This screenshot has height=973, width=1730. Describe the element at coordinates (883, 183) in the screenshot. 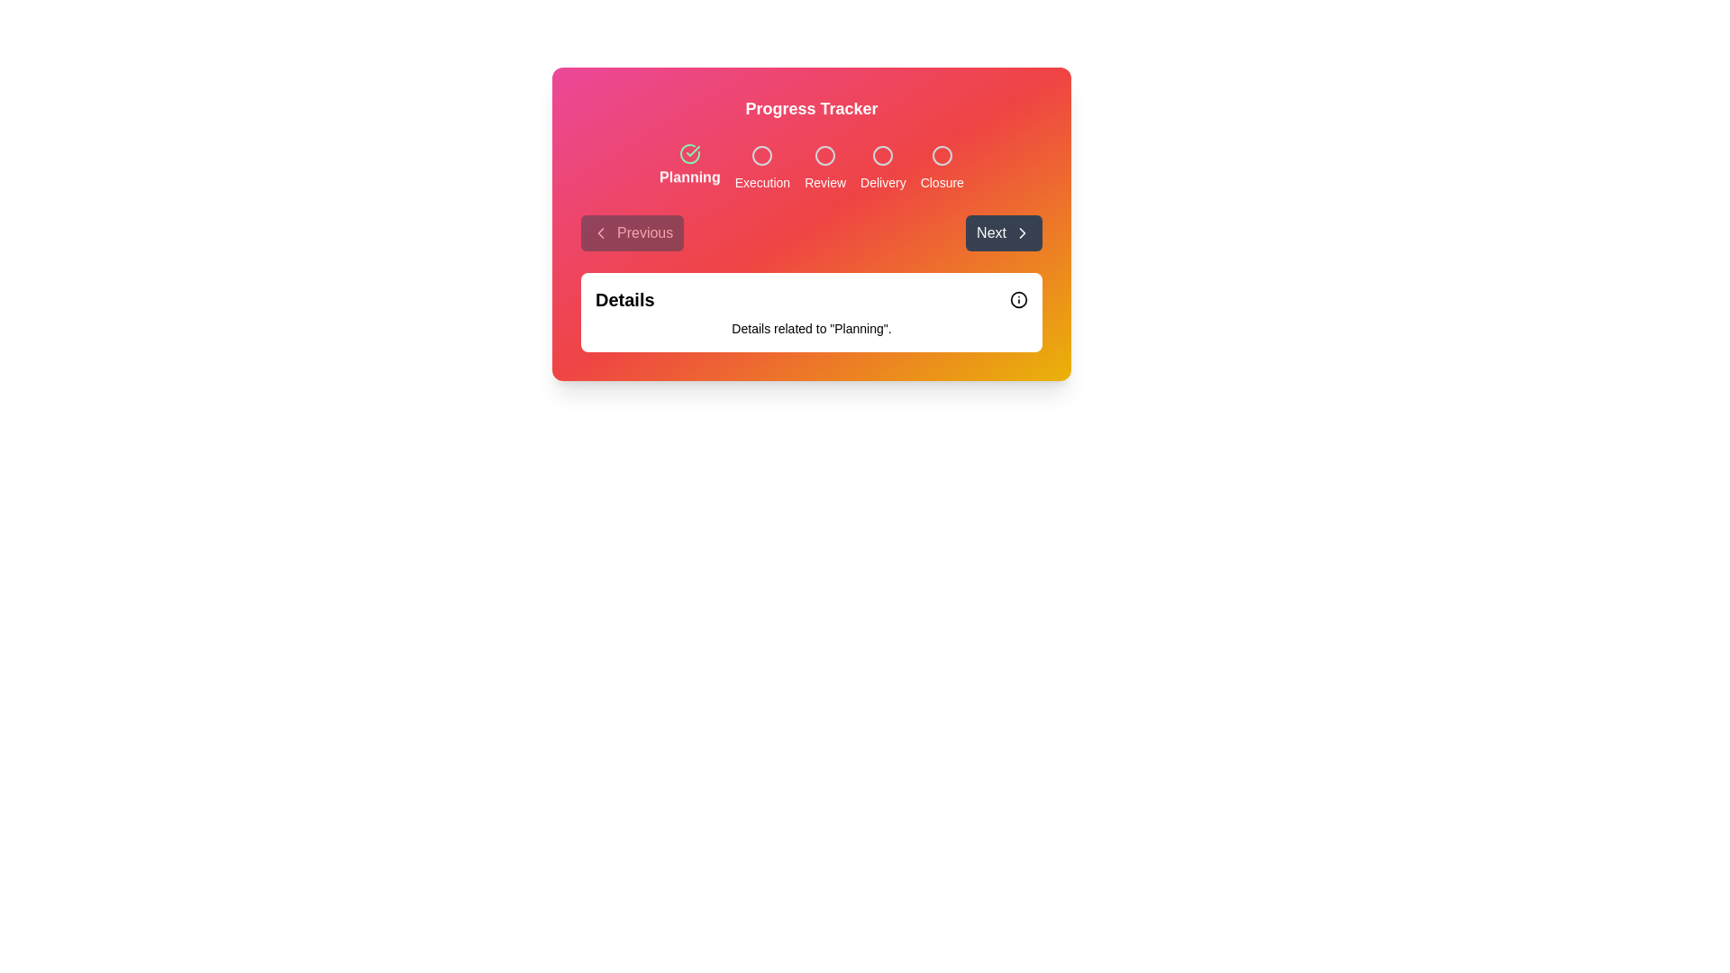

I see `the 'Delivery' step indicator in the process tracker, which is the fourth label in a horizontal progression tracker` at that location.